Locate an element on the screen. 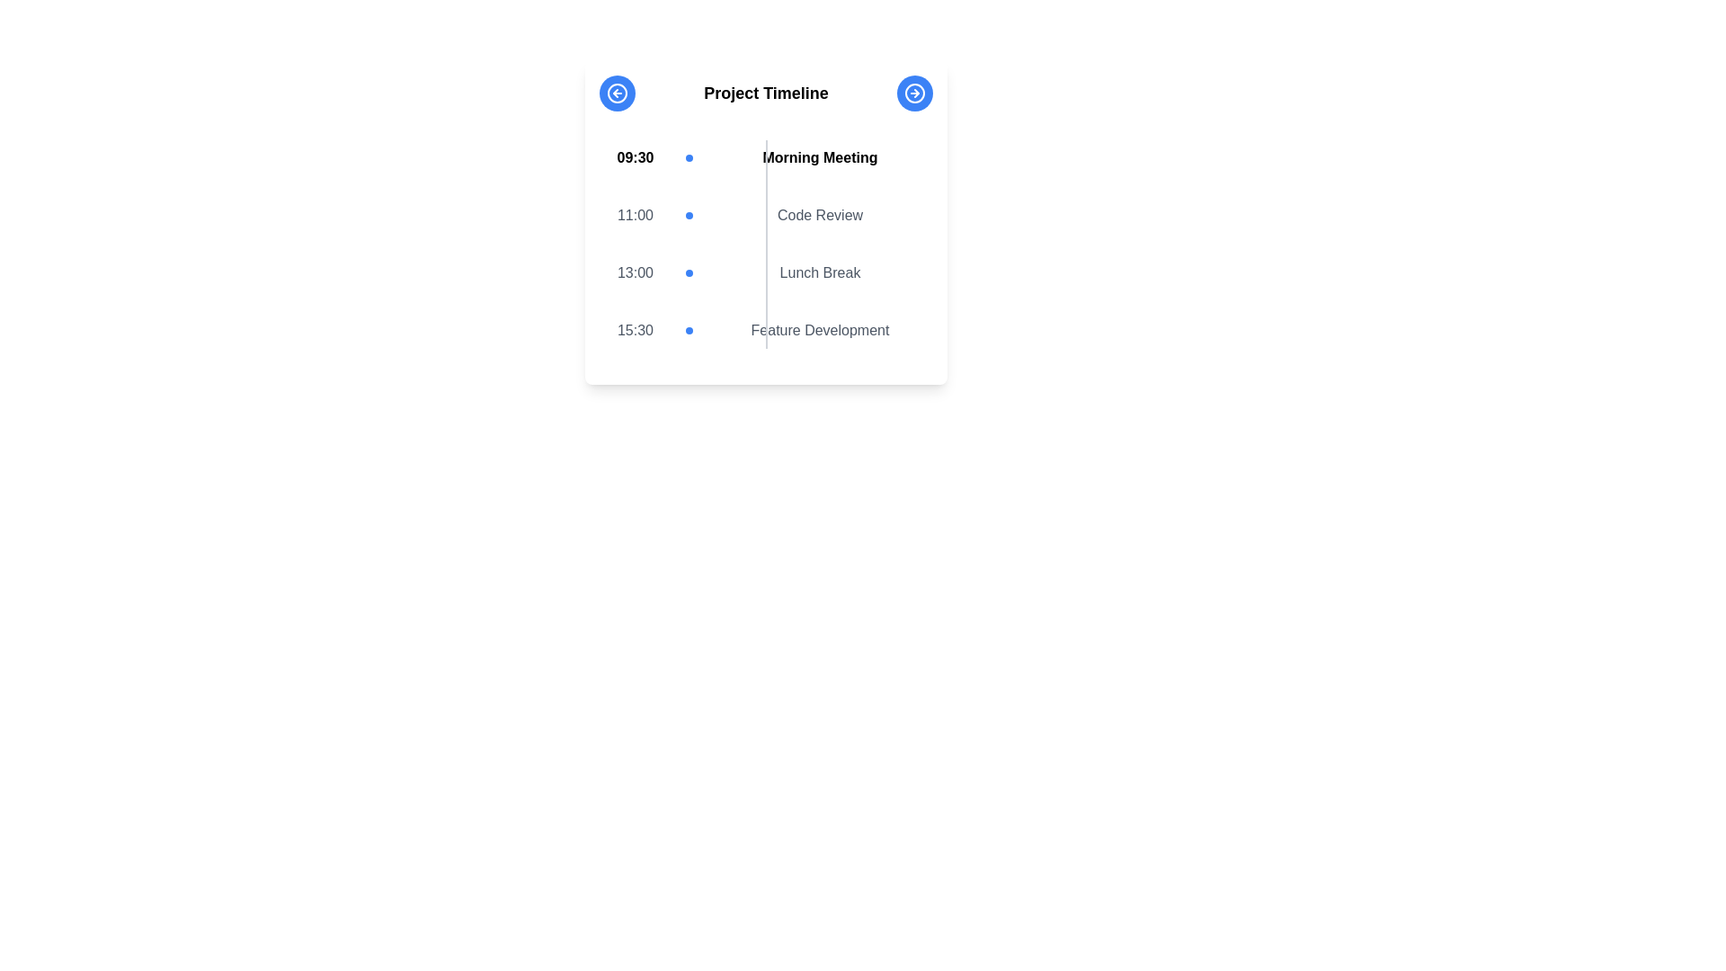 The height and width of the screenshot is (971, 1726). the vertical light gray Divider Line that separates the time labels and event descriptions in the timeline layout is located at coordinates (766, 245).